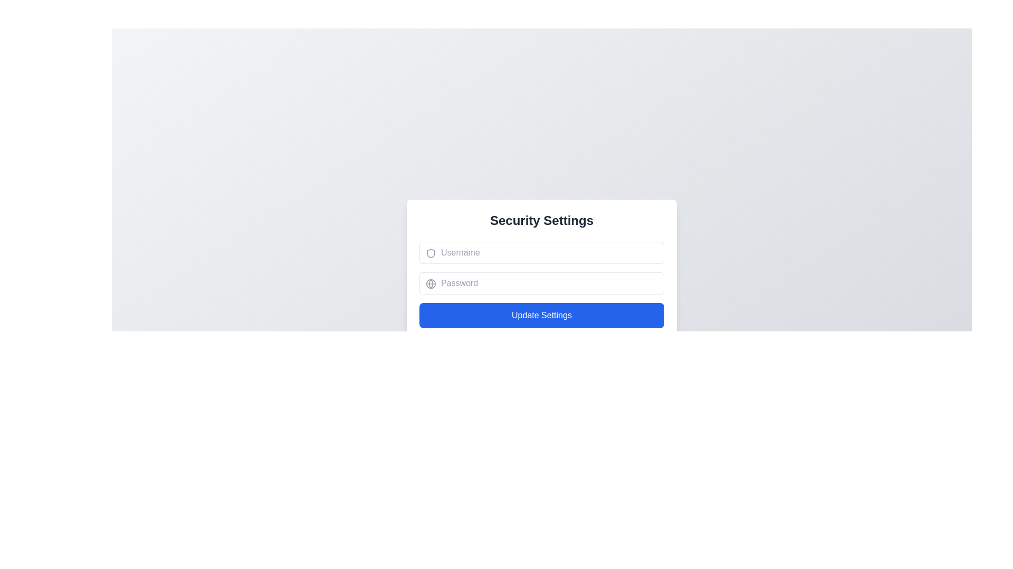 The image size is (1013, 569). I want to click on the prominent blue 'Update Settings' button located at the bottom of the Security Settings Form Card, so click(542, 312).